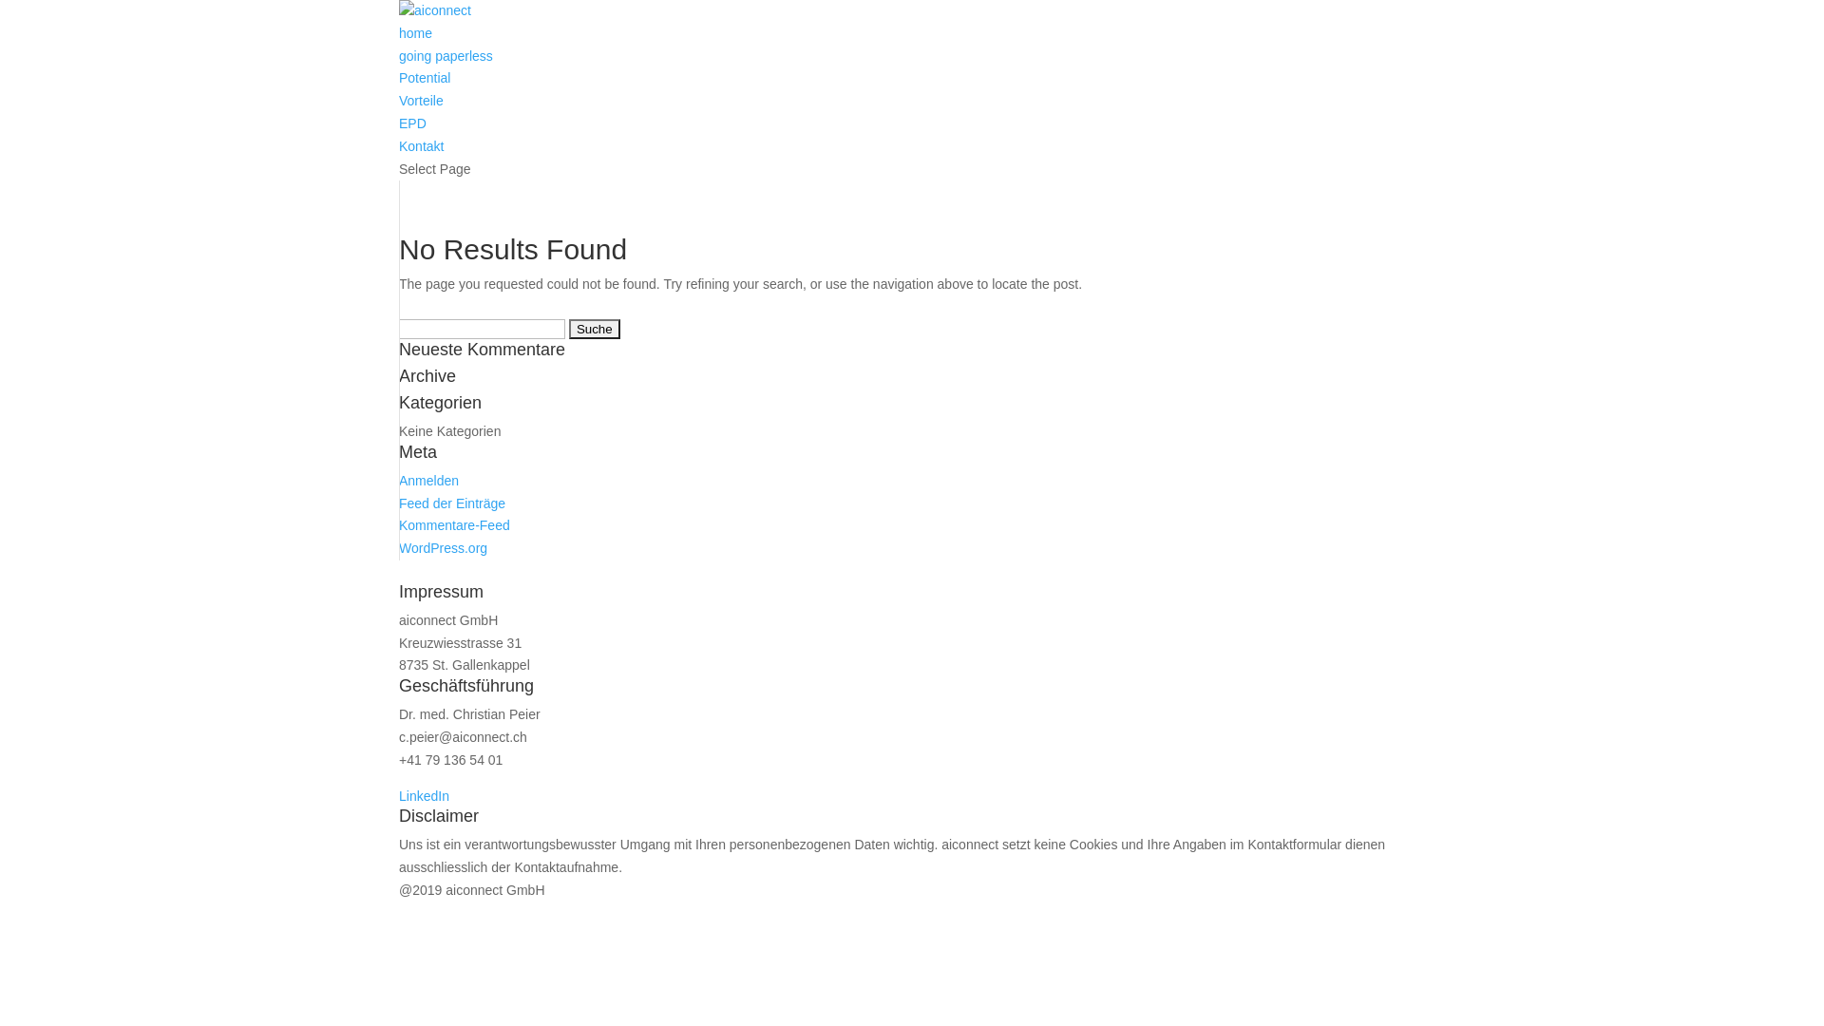 This screenshot has width=1824, height=1026. What do you see at coordinates (593, 328) in the screenshot?
I see `'Suche'` at bounding box center [593, 328].